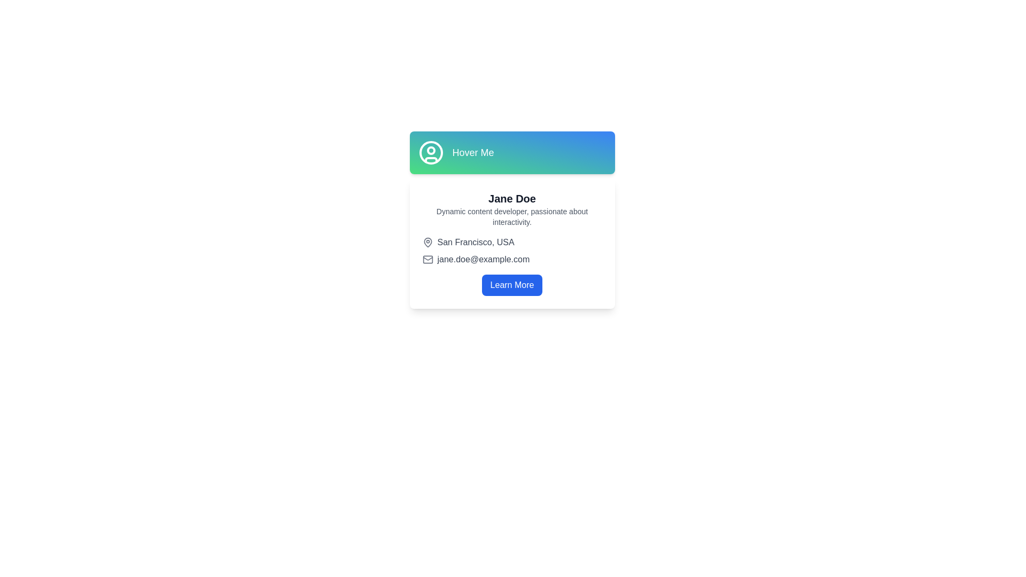 Image resolution: width=1026 pixels, height=577 pixels. Describe the element at coordinates (511, 260) in the screenshot. I see `the email link 'jane.doe@example.com' displayed below the 'San Francisco, USA' text and its associated pin icon, if enabled` at that location.